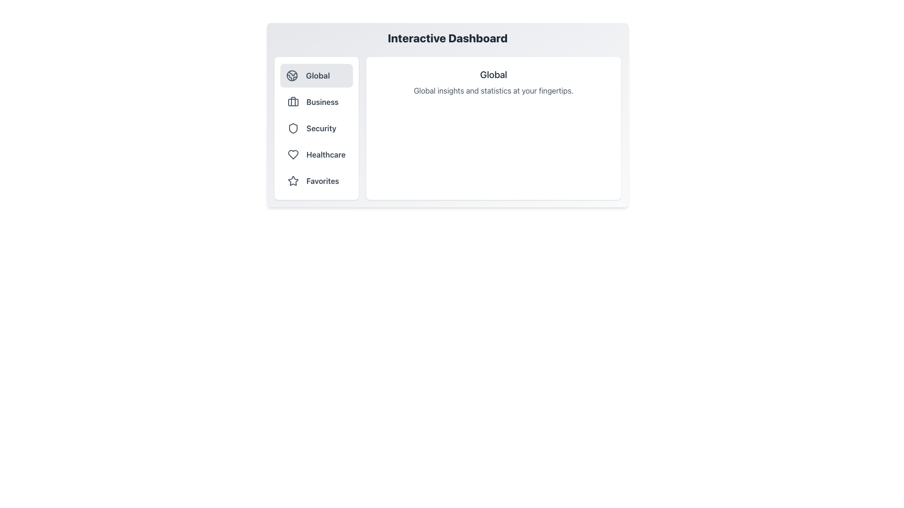  What do you see at coordinates (293, 154) in the screenshot?
I see `the dark gray heart-shaped icon with a thick outline, located next to the text 'Healthcare' in the menu` at bounding box center [293, 154].